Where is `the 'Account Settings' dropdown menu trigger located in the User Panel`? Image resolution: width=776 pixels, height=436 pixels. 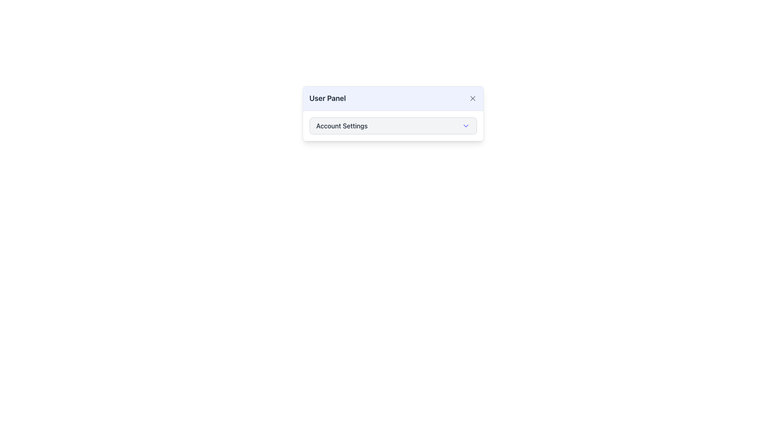 the 'Account Settings' dropdown menu trigger located in the User Panel is located at coordinates (393, 126).